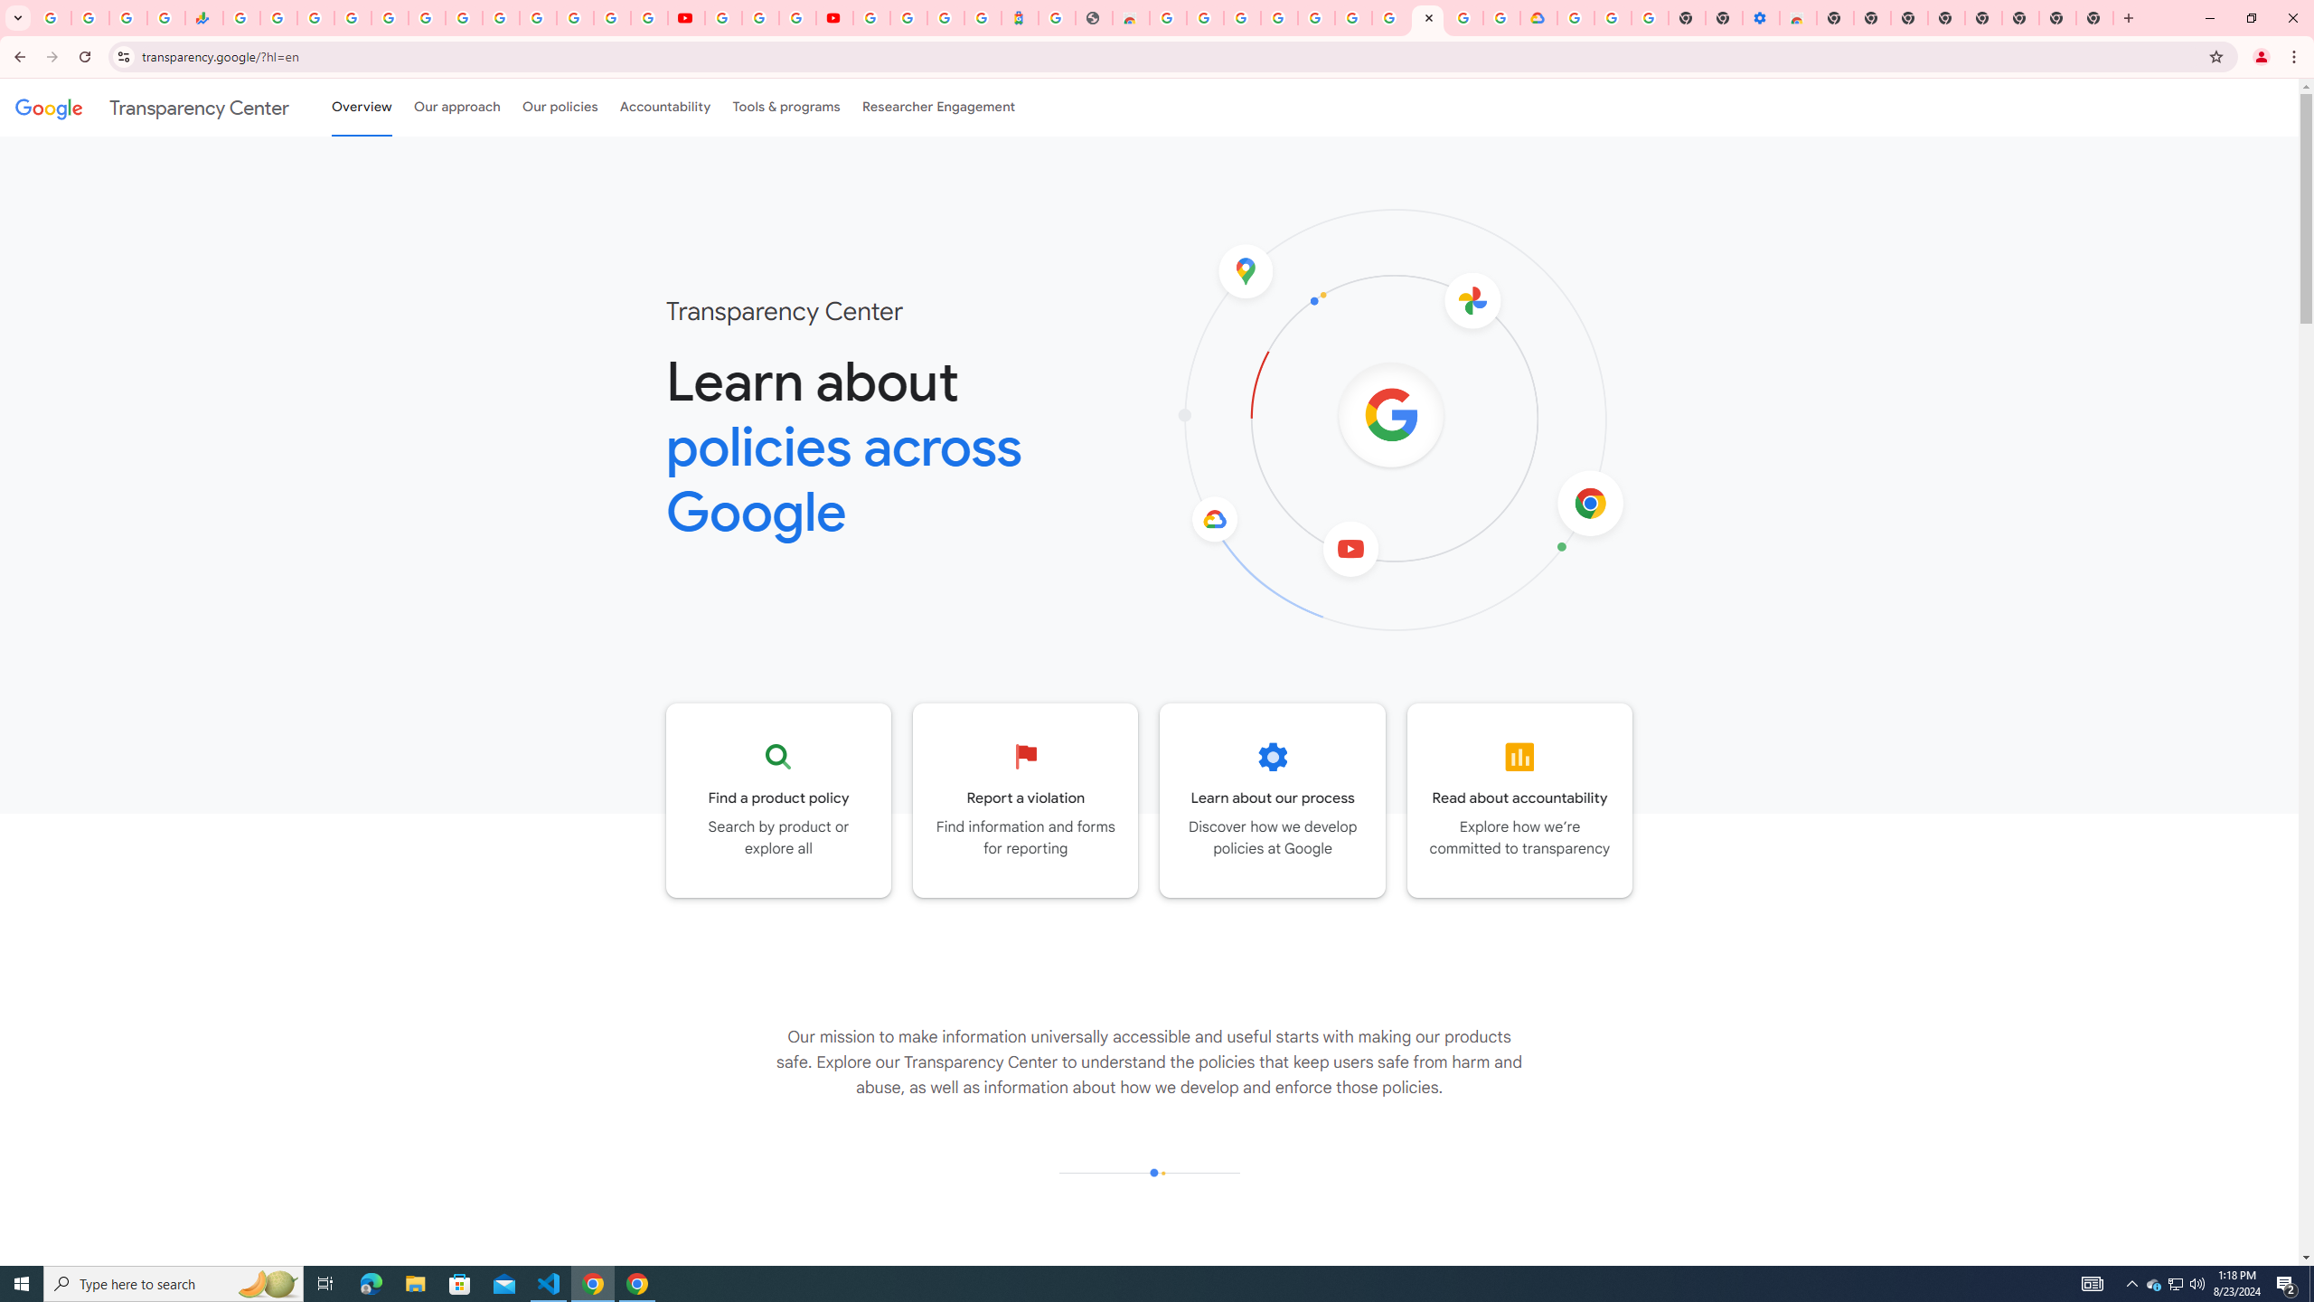 Image resolution: width=2314 pixels, height=1302 pixels. What do you see at coordinates (122, 55) in the screenshot?
I see `'View site information'` at bounding box center [122, 55].